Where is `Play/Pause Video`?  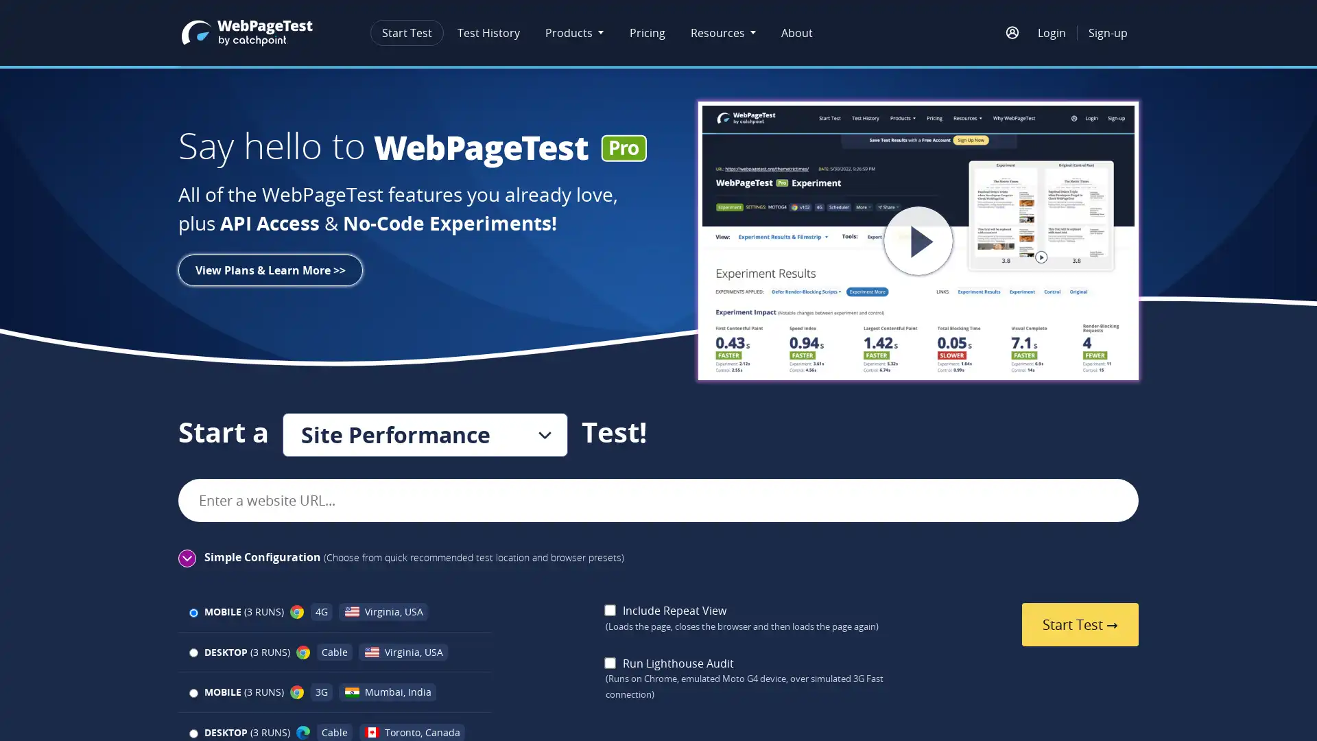
Play/Pause Video is located at coordinates (918, 240).